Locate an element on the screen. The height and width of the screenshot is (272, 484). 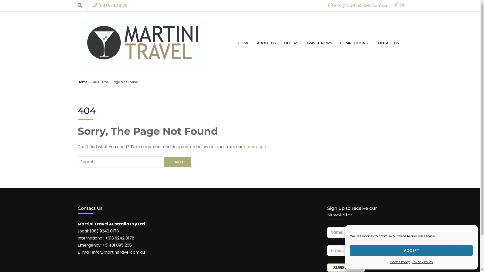
'HOME' is located at coordinates (243, 43).